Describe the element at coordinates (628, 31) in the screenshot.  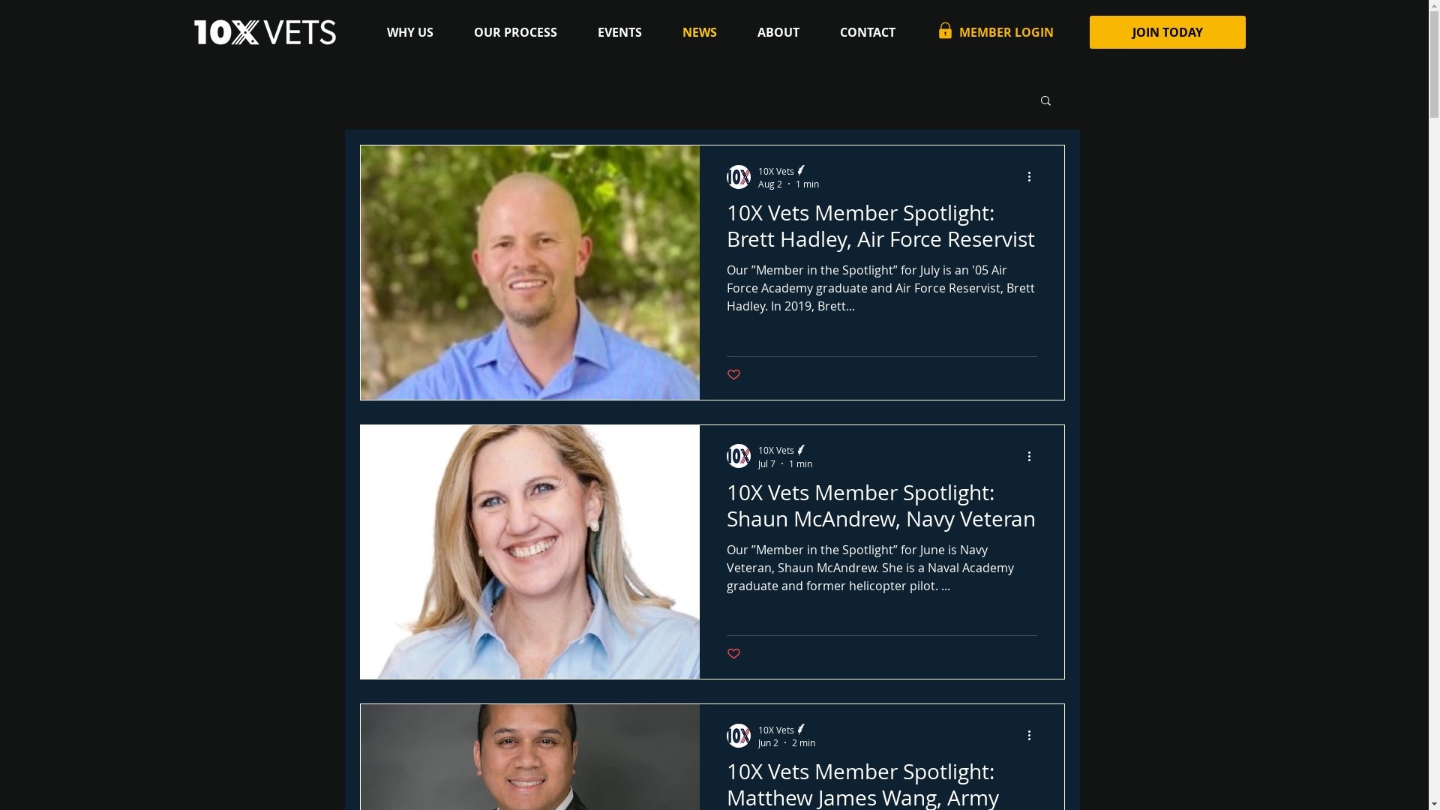
I see `'EVENTS'` at that location.